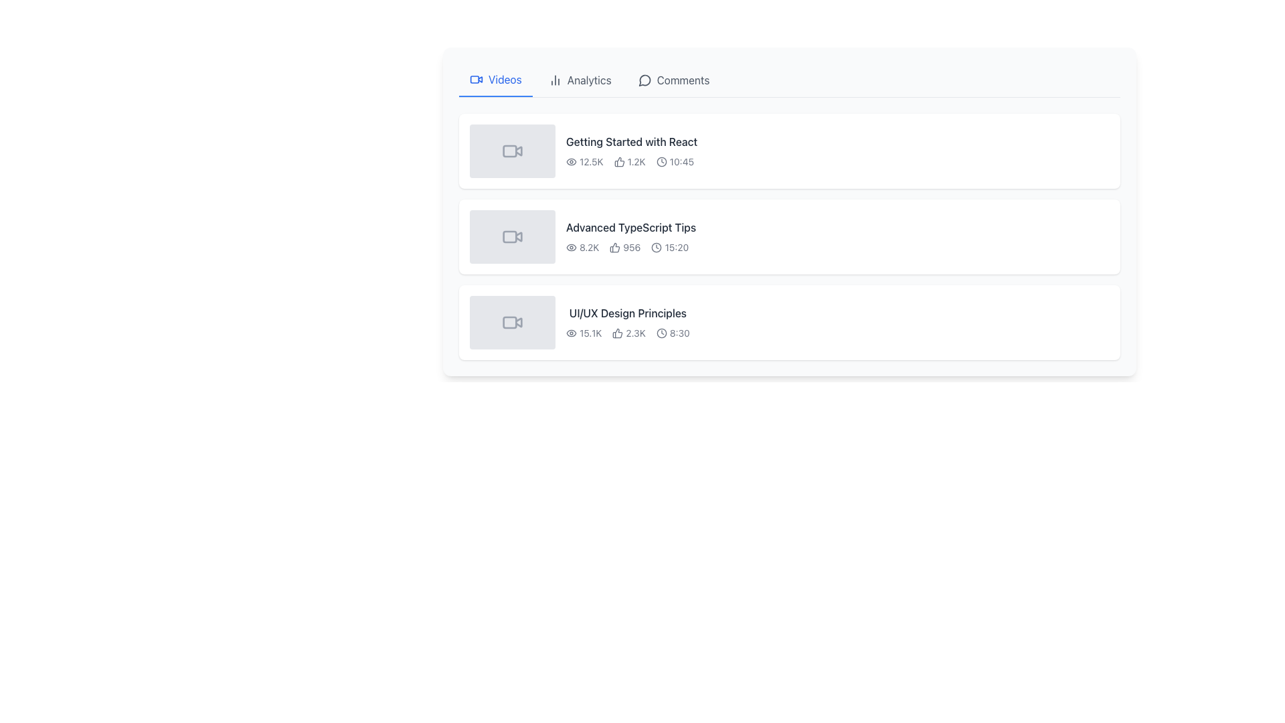 Image resolution: width=1285 pixels, height=723 pixels. What do you see at coordinates (661, 161) in the screenshot?
I see `the circular SVG element that is part of the clock icon displayed next to the video duration for the first video entry` at bounding box center [661, 161].